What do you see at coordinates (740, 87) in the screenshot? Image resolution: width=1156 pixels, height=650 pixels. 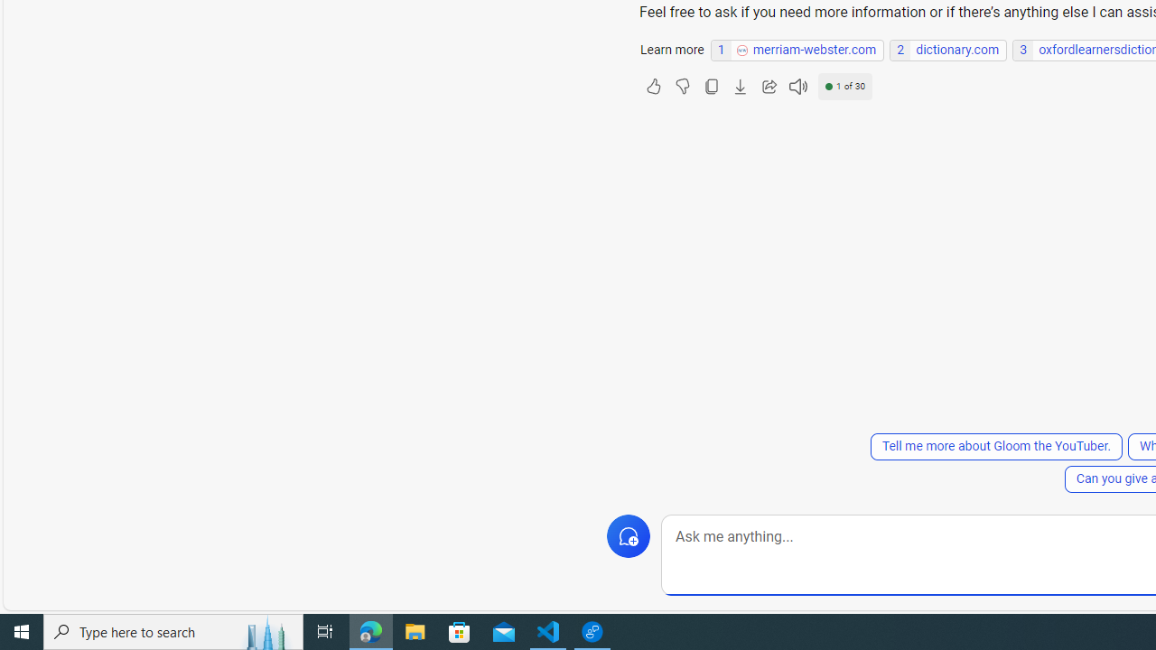 I see `'Export'` at bounding box center [740, 87].